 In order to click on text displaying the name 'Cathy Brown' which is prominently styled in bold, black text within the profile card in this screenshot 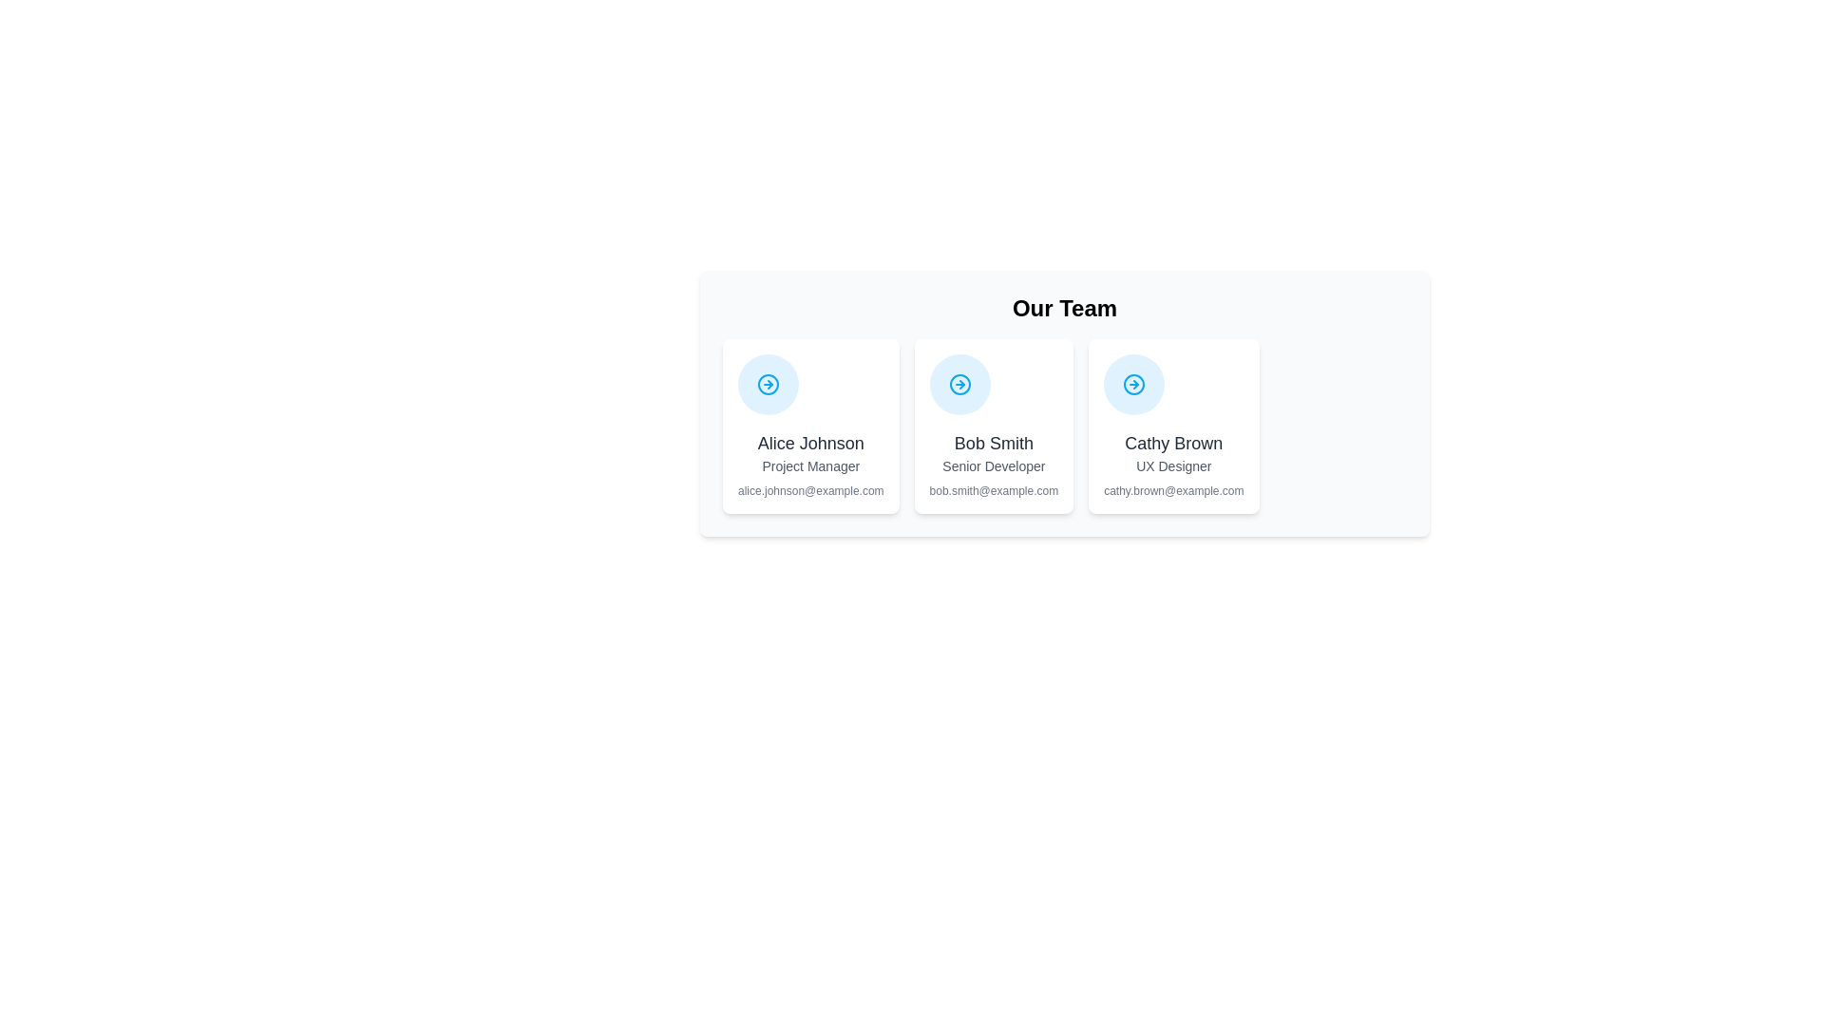, I will do `click(1172, 443)`.